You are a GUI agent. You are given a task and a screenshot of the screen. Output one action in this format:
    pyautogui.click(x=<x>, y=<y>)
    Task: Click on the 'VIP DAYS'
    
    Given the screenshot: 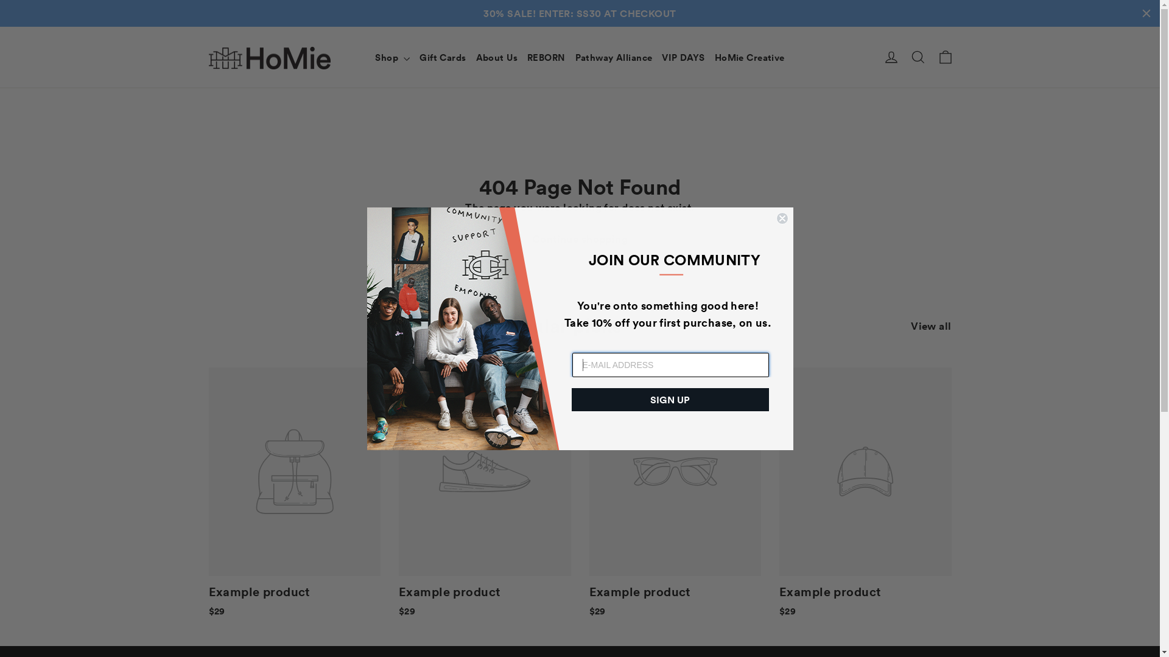 What is the action you would take?
    pyautogui.click(x=683, y=30)
    